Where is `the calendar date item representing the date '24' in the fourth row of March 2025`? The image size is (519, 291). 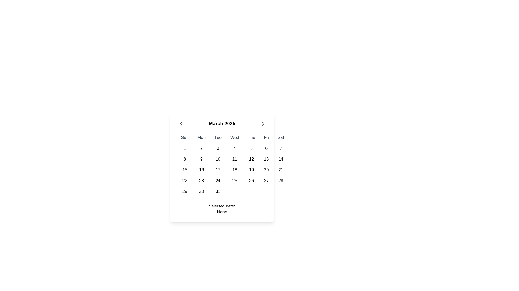
the calendar date item representing the date '24' in the fourth row of March 2025 is located at coordinates (218, 181).